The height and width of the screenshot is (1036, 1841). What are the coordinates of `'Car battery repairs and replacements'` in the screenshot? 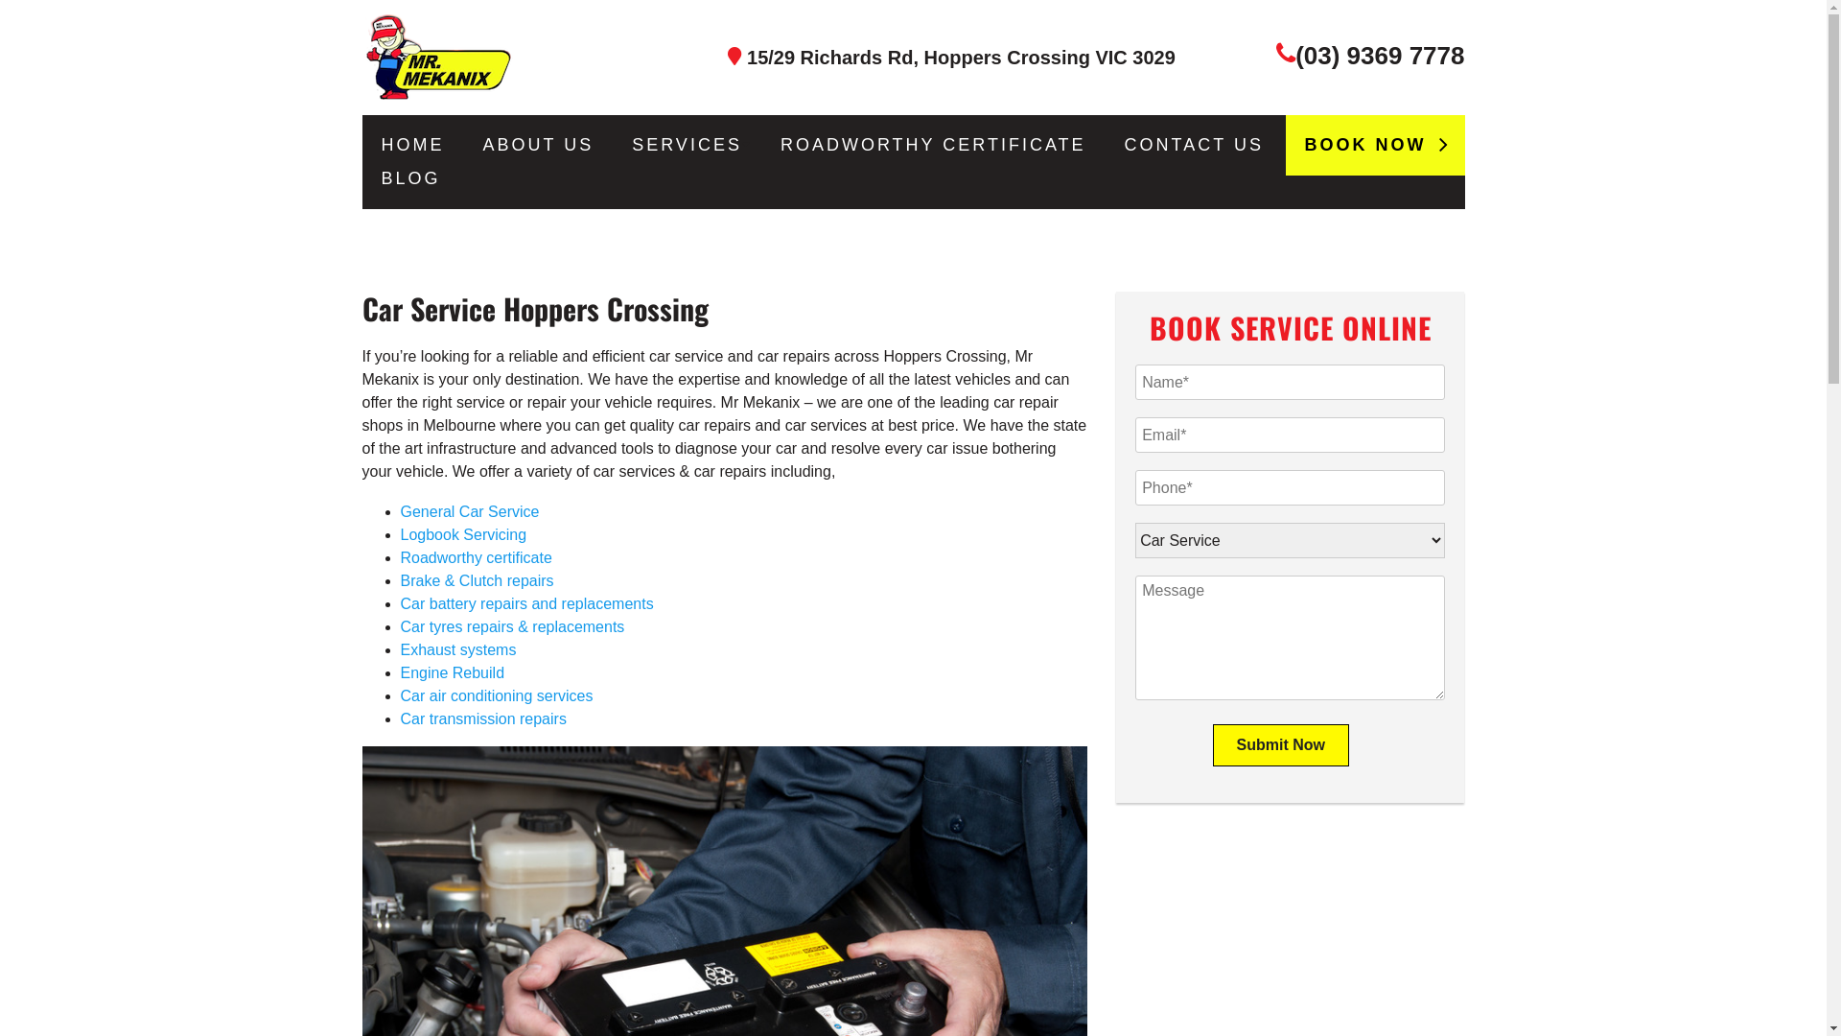 It's located at (527, 602).